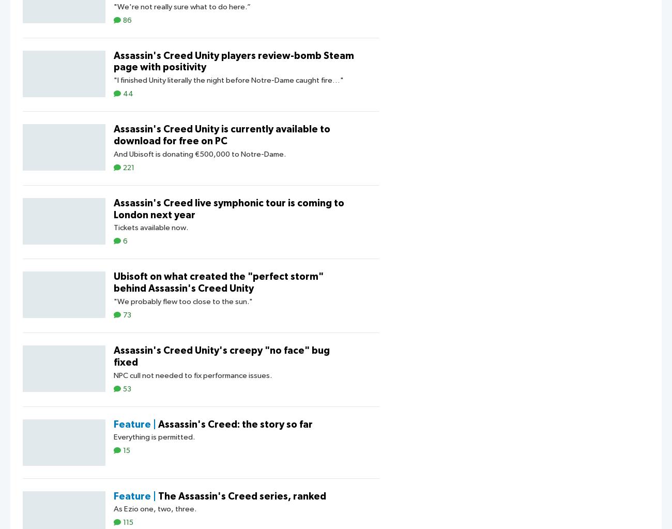  What do you see at coordinates (155, 509) in the screenshot?
I see `'As Ezio one, two, three.'` at bounding box center [155, 509].